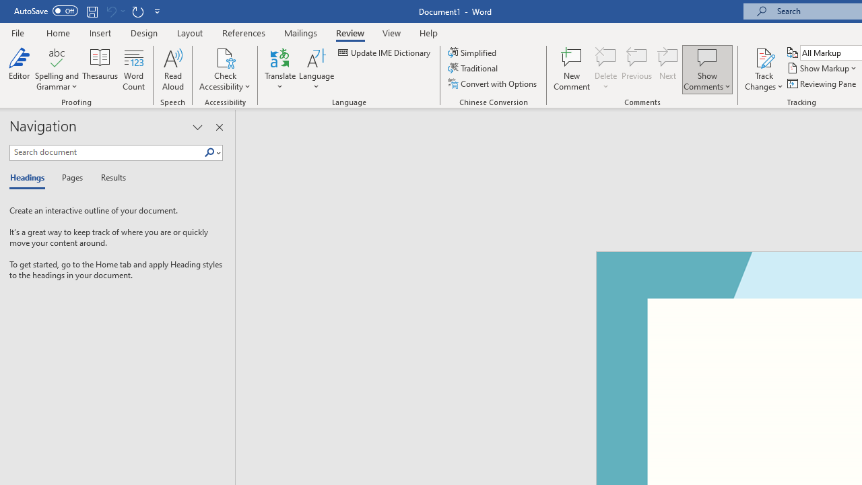 The width and height of the screenshot is (862, 485). I want to click on 'Editor', so click(19, 69).